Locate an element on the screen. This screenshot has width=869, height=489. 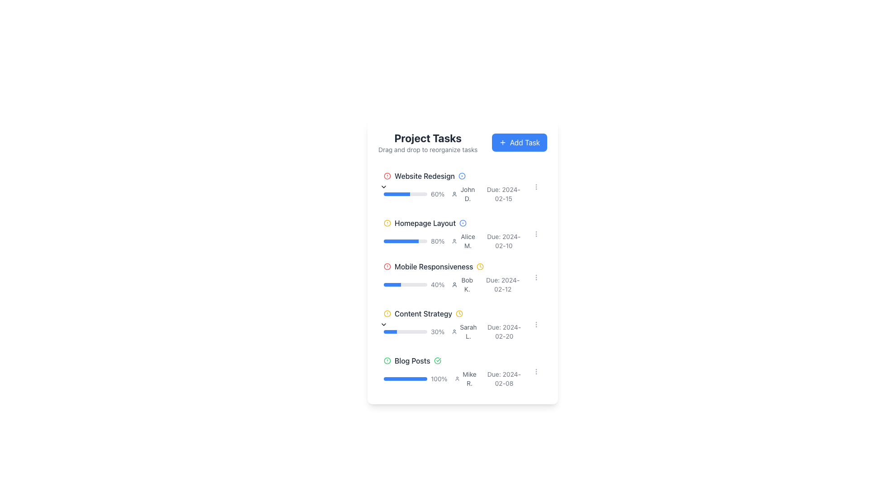
the horizontal progress bar located in the 'Mobile Responsiveness' task section, which is visually aligned under the task's title and above the text displaying '40%' is located at coordinates (405, 284).